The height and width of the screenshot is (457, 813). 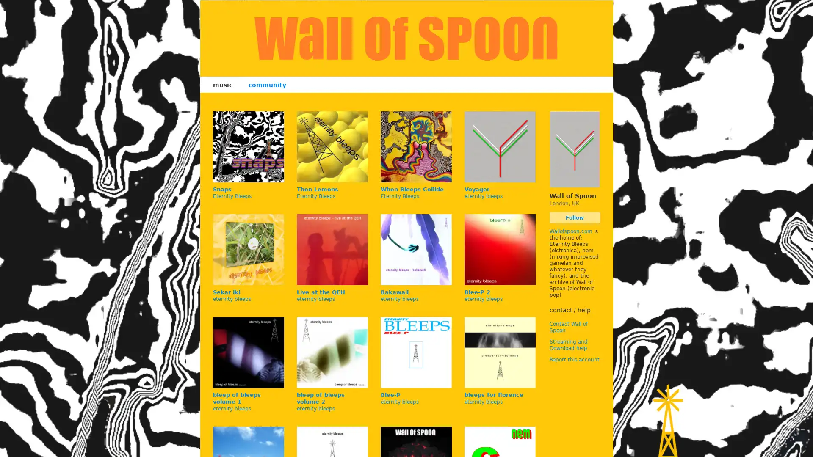 I want to click on Follow, so click(x=575, y=217).